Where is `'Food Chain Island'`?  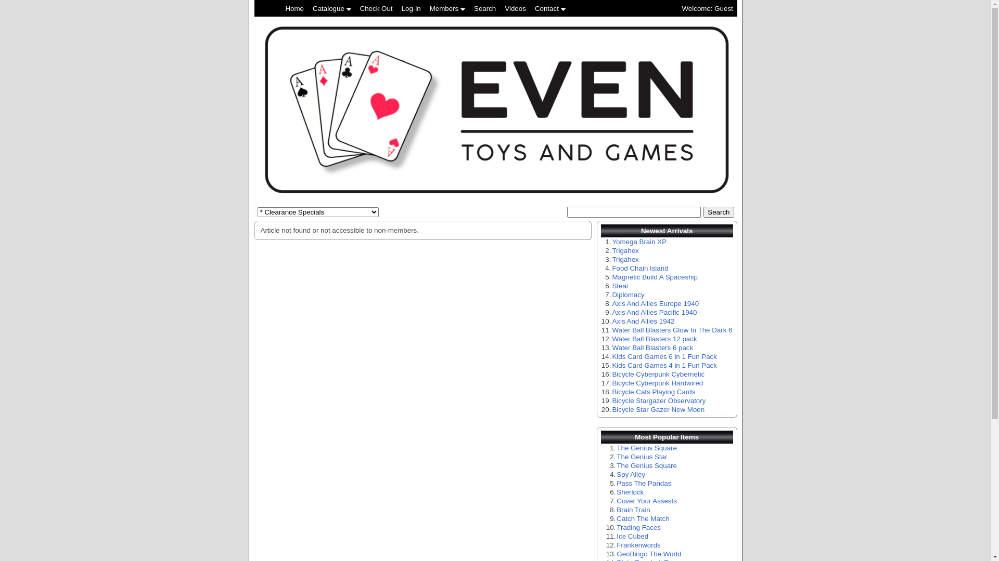
'Food Chain Island' is located at coordinates (639, 268).